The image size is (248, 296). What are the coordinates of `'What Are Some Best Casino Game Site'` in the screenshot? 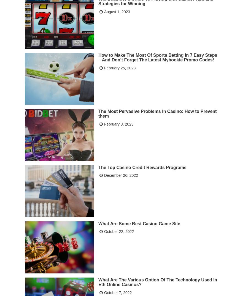 It's located at (139, 223).